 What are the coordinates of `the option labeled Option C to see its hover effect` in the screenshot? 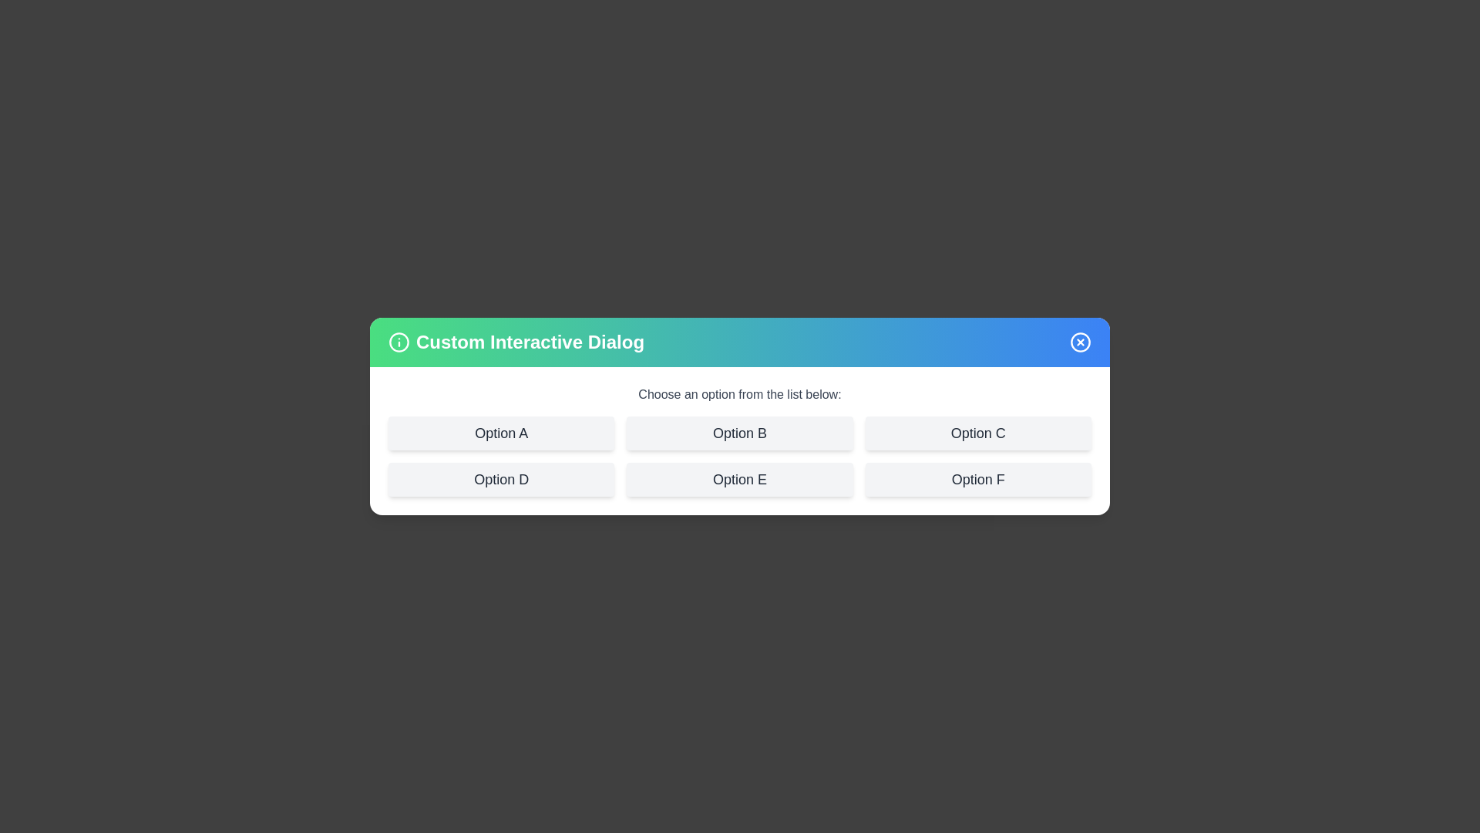 It's located at (977, 433).